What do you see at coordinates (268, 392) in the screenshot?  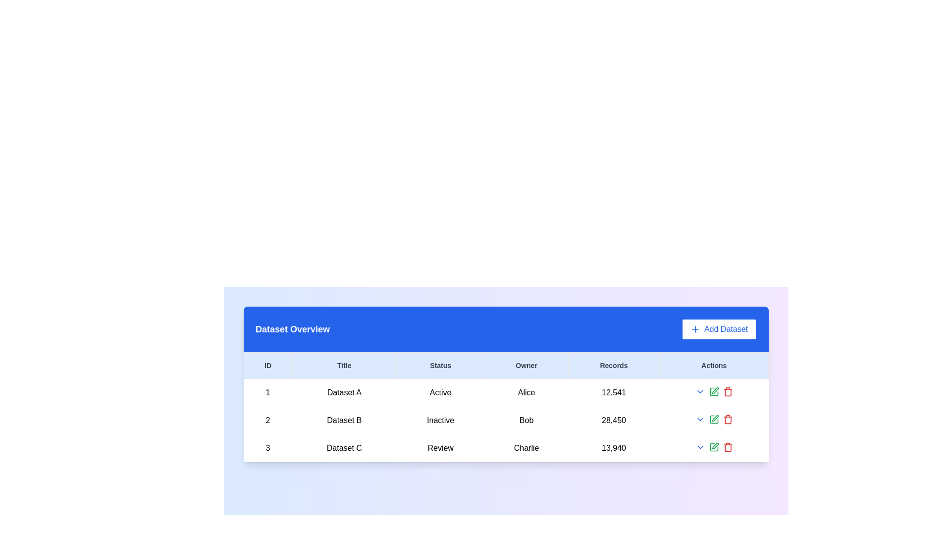 I see `the numeral '1' in the 'ID' column of the table, which is the first item in the uppermost row` at bounding box center [268, 392].